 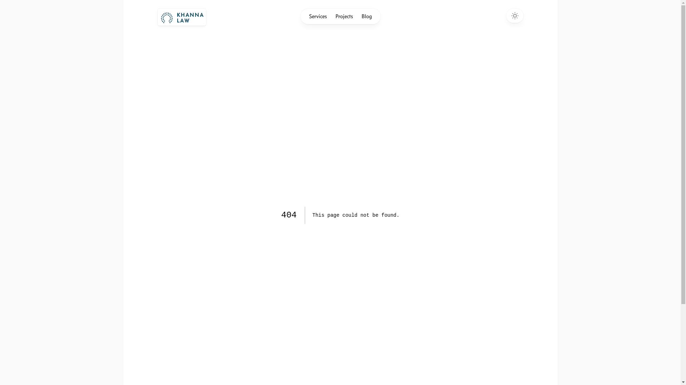 What do you see at coordinates (344, 16) in the screenshot?
I see `'Projects'` at bounding box center [344, 16].